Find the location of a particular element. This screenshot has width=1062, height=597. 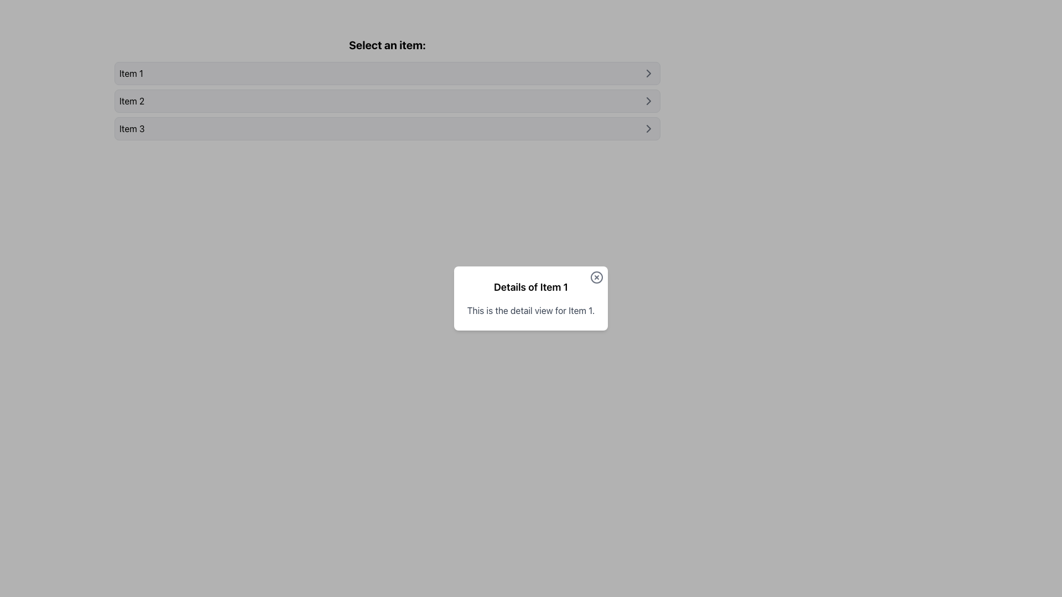

the Chevron icon located on the right edge of the list item associated with 'Item 2' is located at coordinates (648, 101).